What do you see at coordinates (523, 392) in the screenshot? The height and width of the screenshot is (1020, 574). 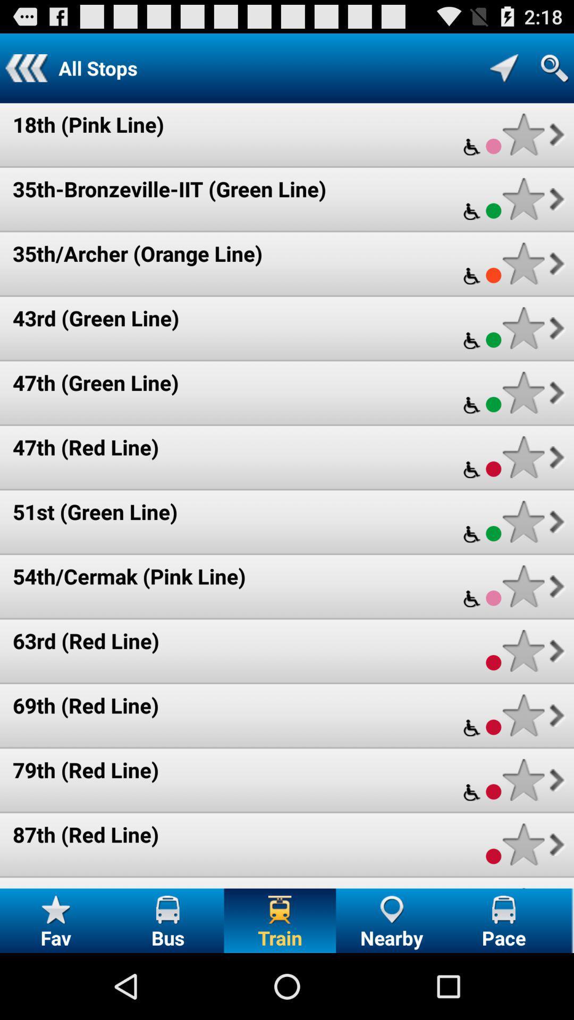 I see `list item to favorites` at bounding box center [523, 392].